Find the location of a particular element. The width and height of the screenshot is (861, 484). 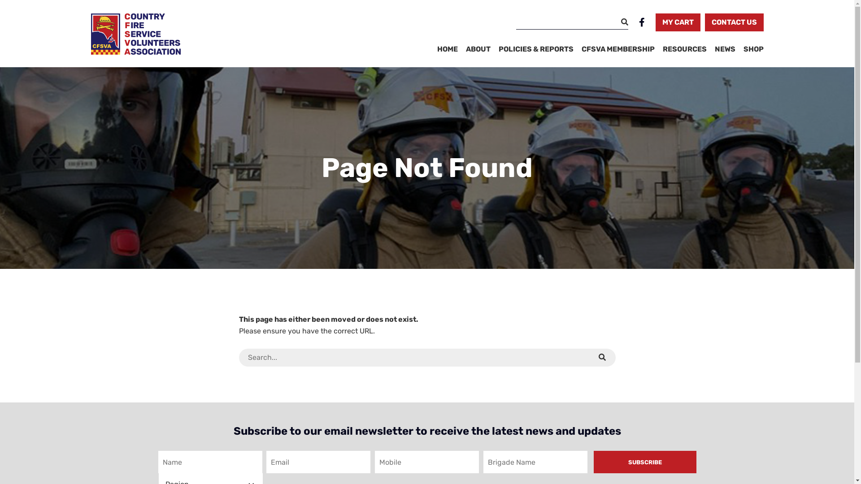

'ABOUT' is located at coordinates (477, 49).